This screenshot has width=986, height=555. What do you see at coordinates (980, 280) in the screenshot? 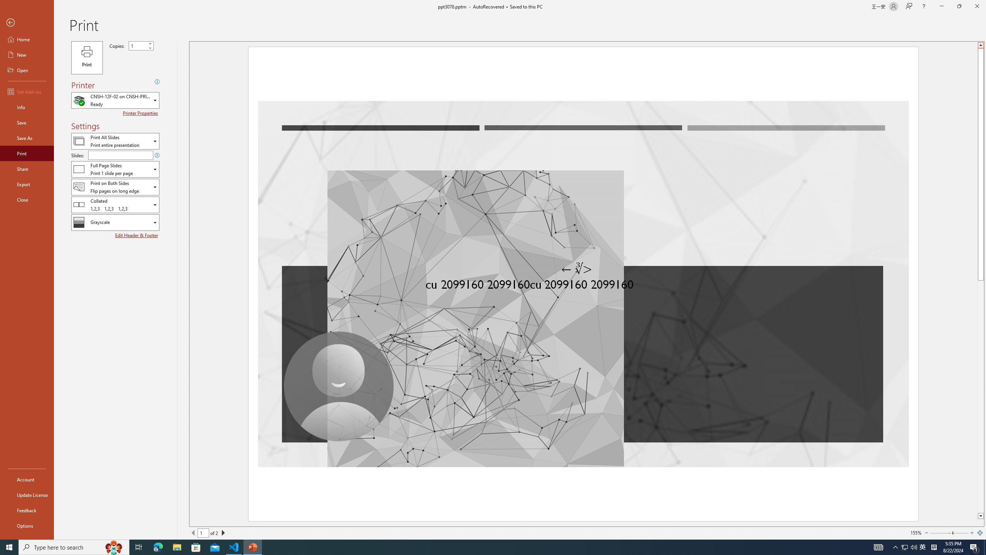
I see `'Class: NetUIScrollBar'` at bounding box center [980, 280].